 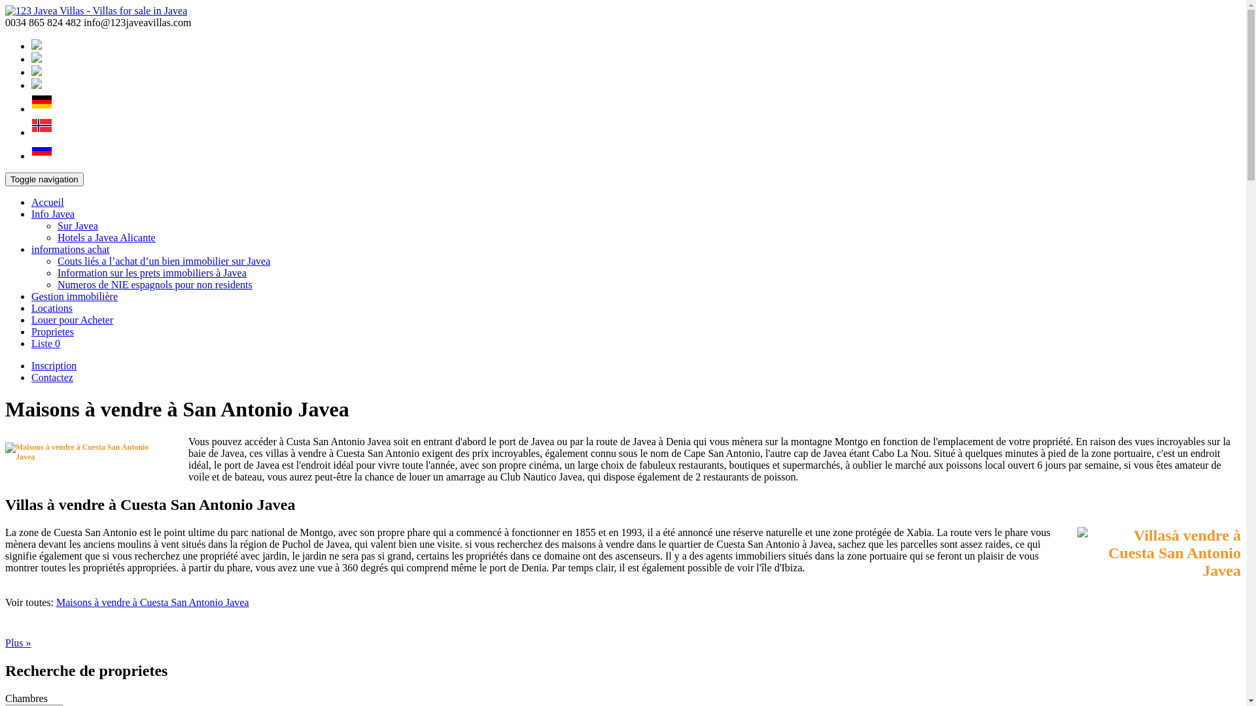 I want to click on 'Hotels a Javea Alicante', so click(x=107, y=237).